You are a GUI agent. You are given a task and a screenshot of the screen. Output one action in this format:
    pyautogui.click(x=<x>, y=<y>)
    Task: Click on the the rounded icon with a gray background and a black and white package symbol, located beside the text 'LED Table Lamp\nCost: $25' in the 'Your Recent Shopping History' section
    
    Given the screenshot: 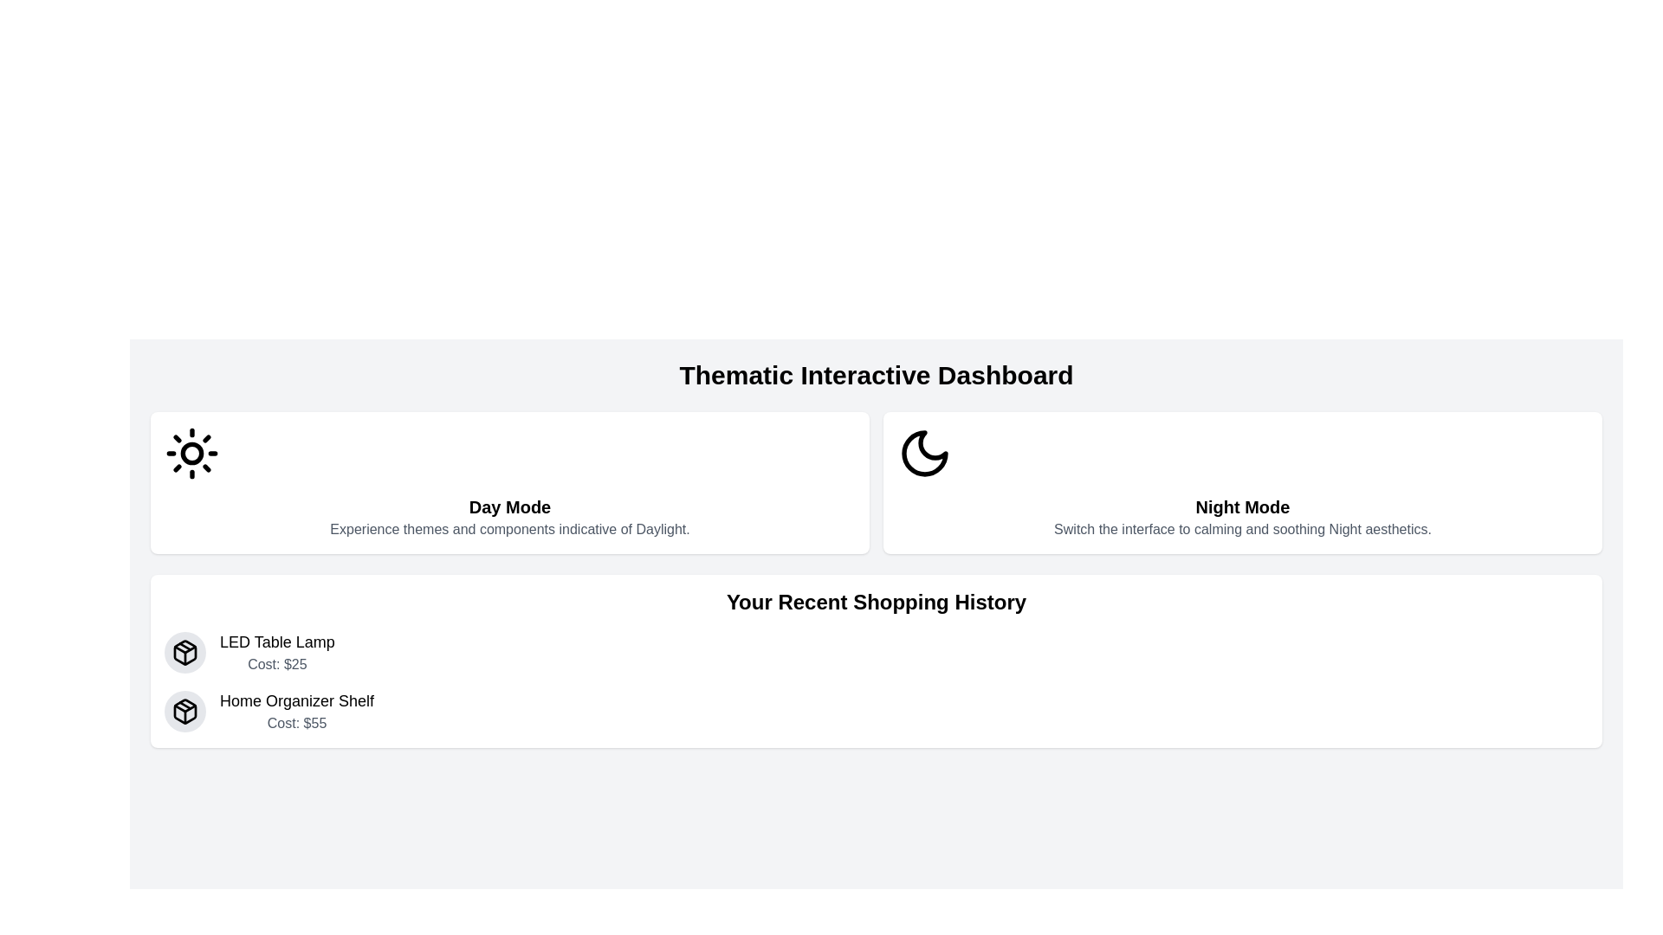 What is the action you would take?
    pyautogui.click(x=185, y=652)
    